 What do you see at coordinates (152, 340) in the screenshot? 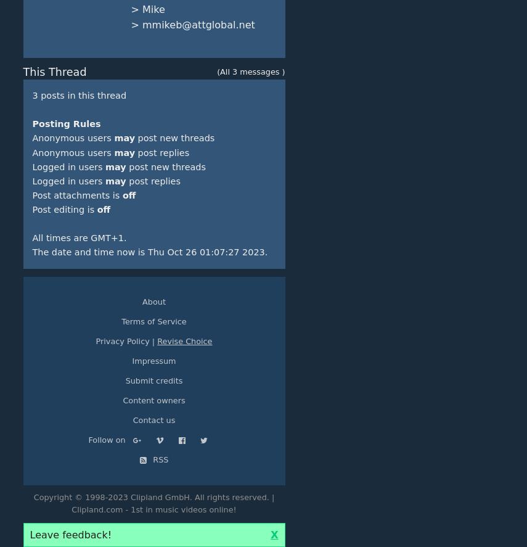
I see `'|'` at bounding box center [152, 340].